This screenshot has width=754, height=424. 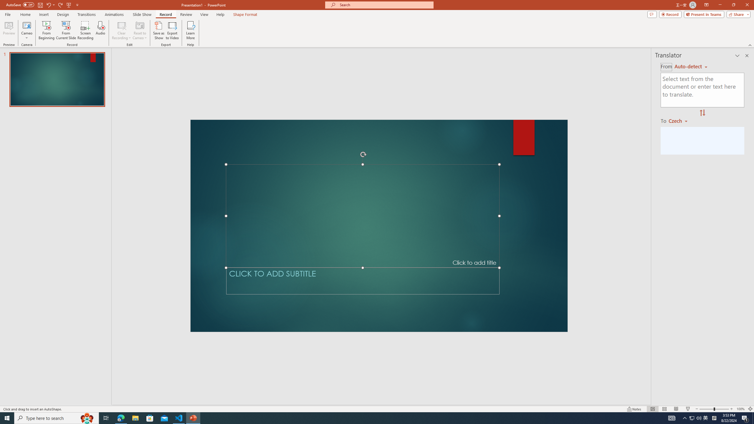 What do you see at coordinates (7, 14) in the screenshot?
I see `'File Tab'` at bounding box center [7, 14].